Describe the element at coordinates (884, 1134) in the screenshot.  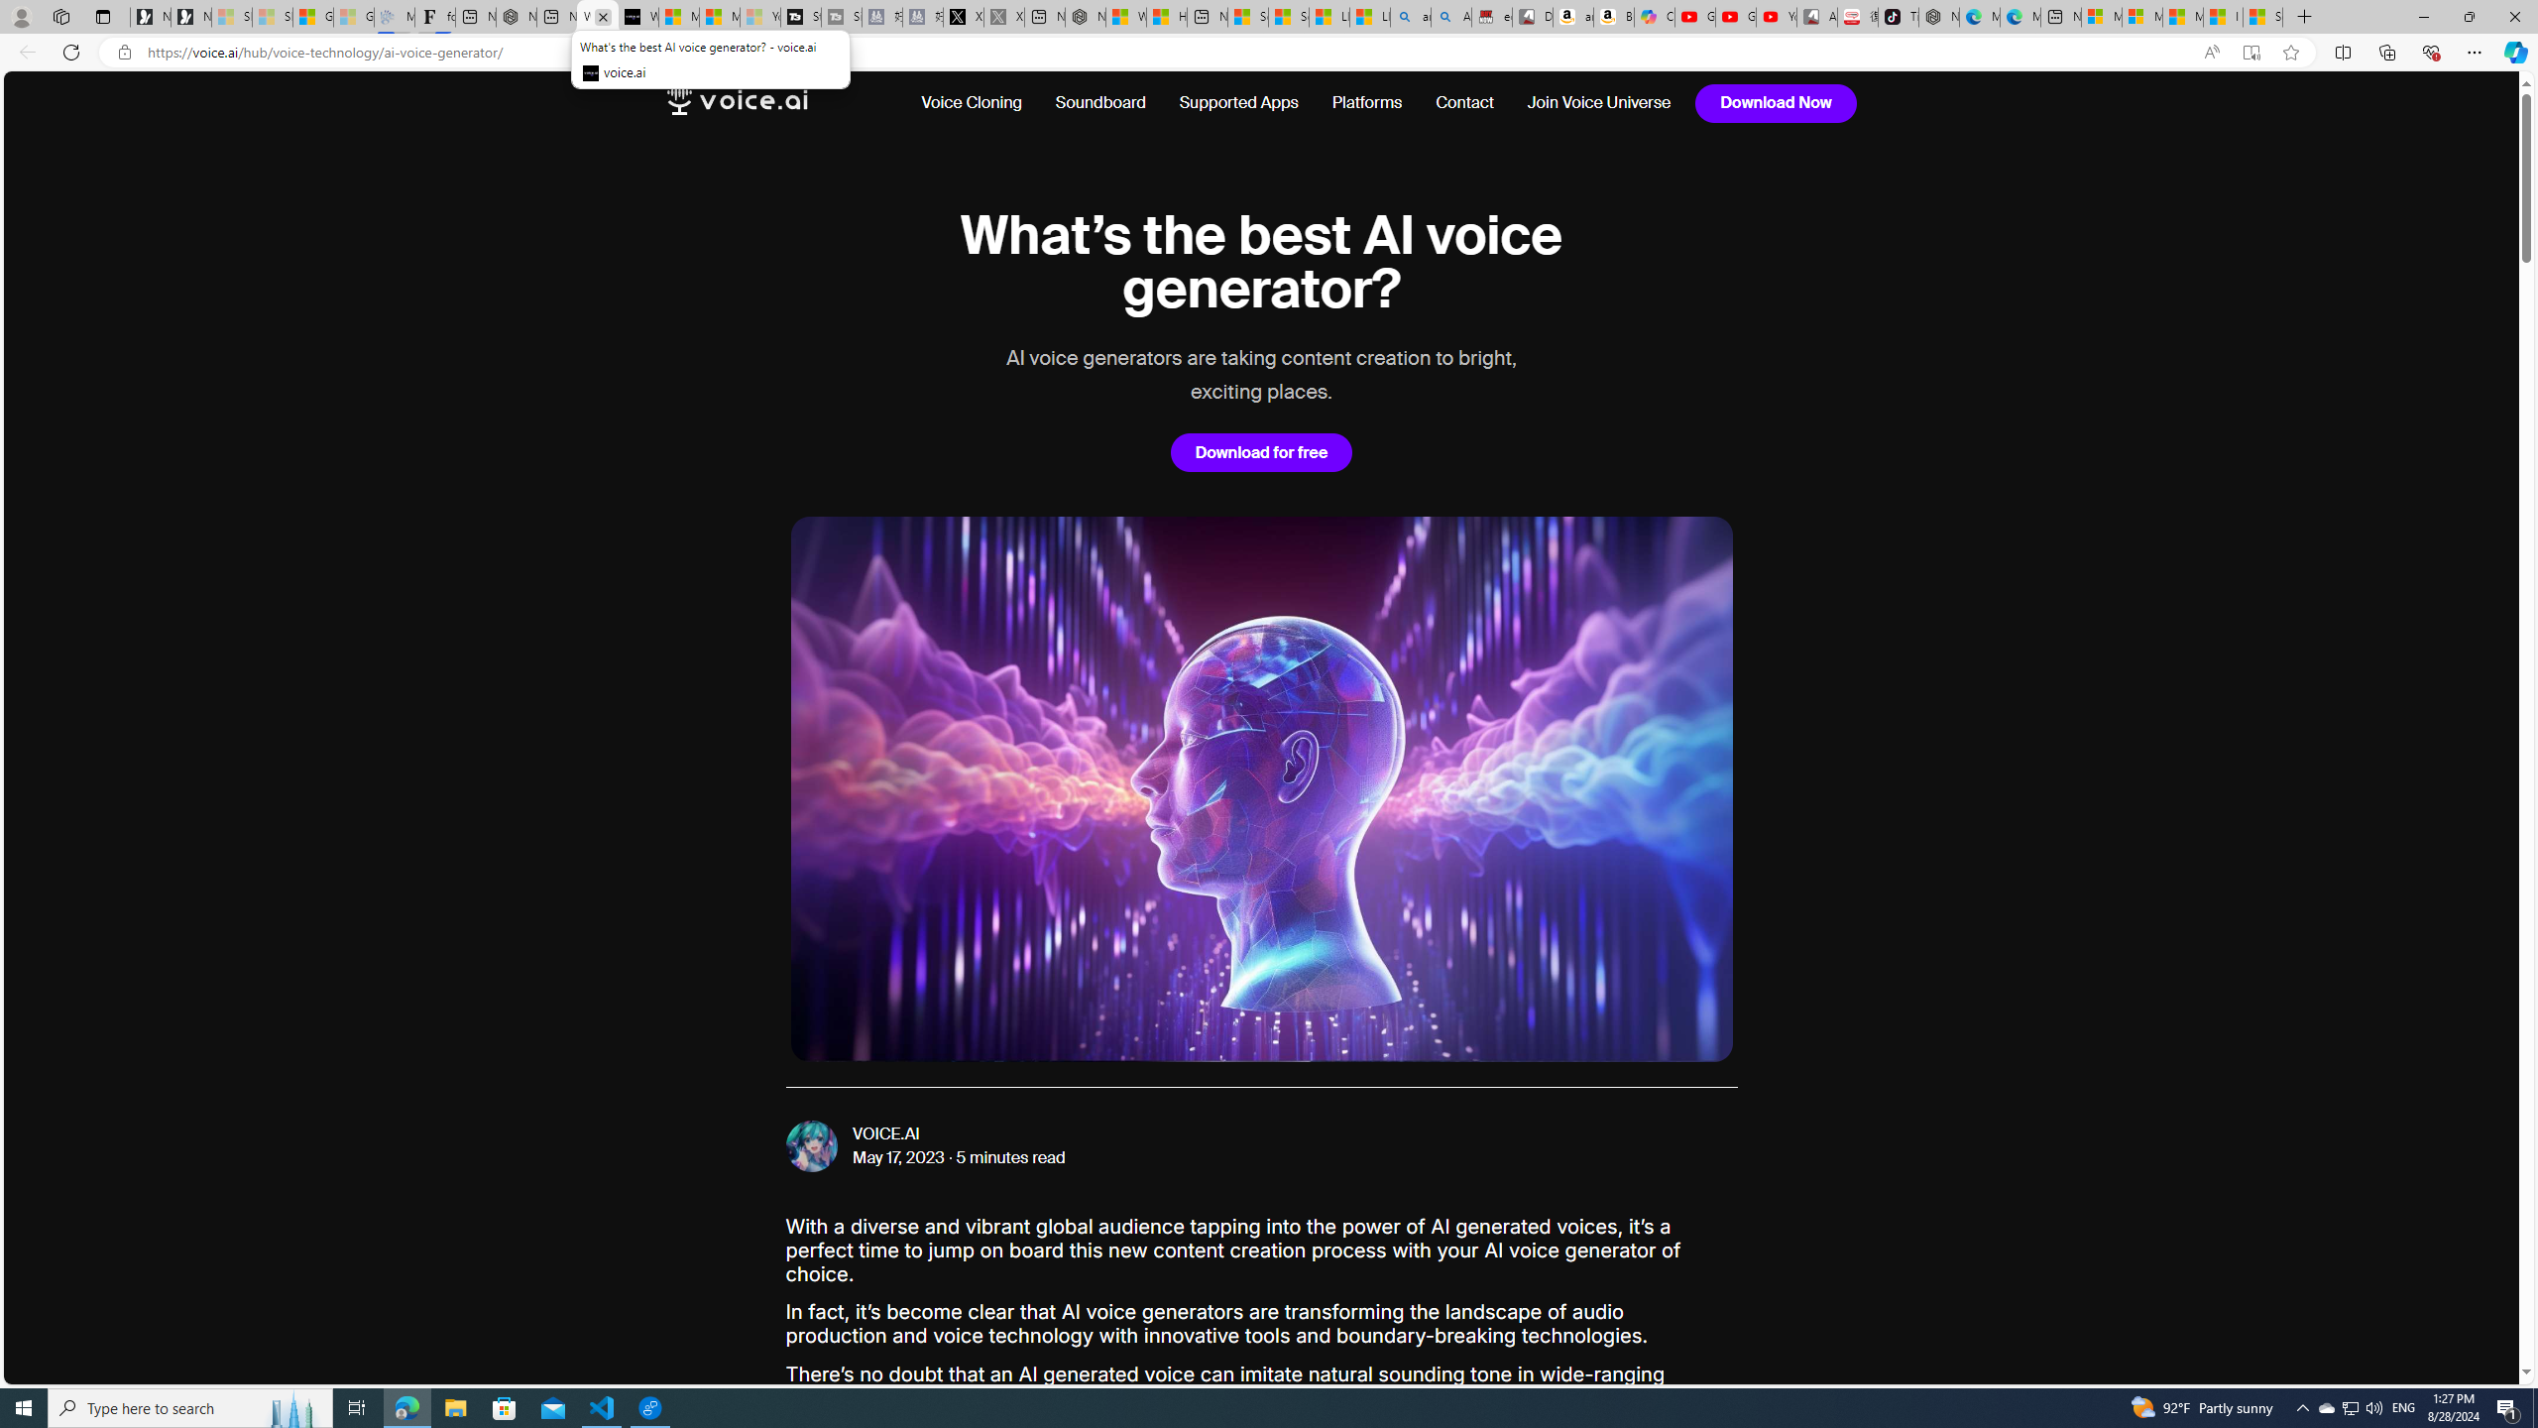
I see `'VOICE.AI'` at that location.